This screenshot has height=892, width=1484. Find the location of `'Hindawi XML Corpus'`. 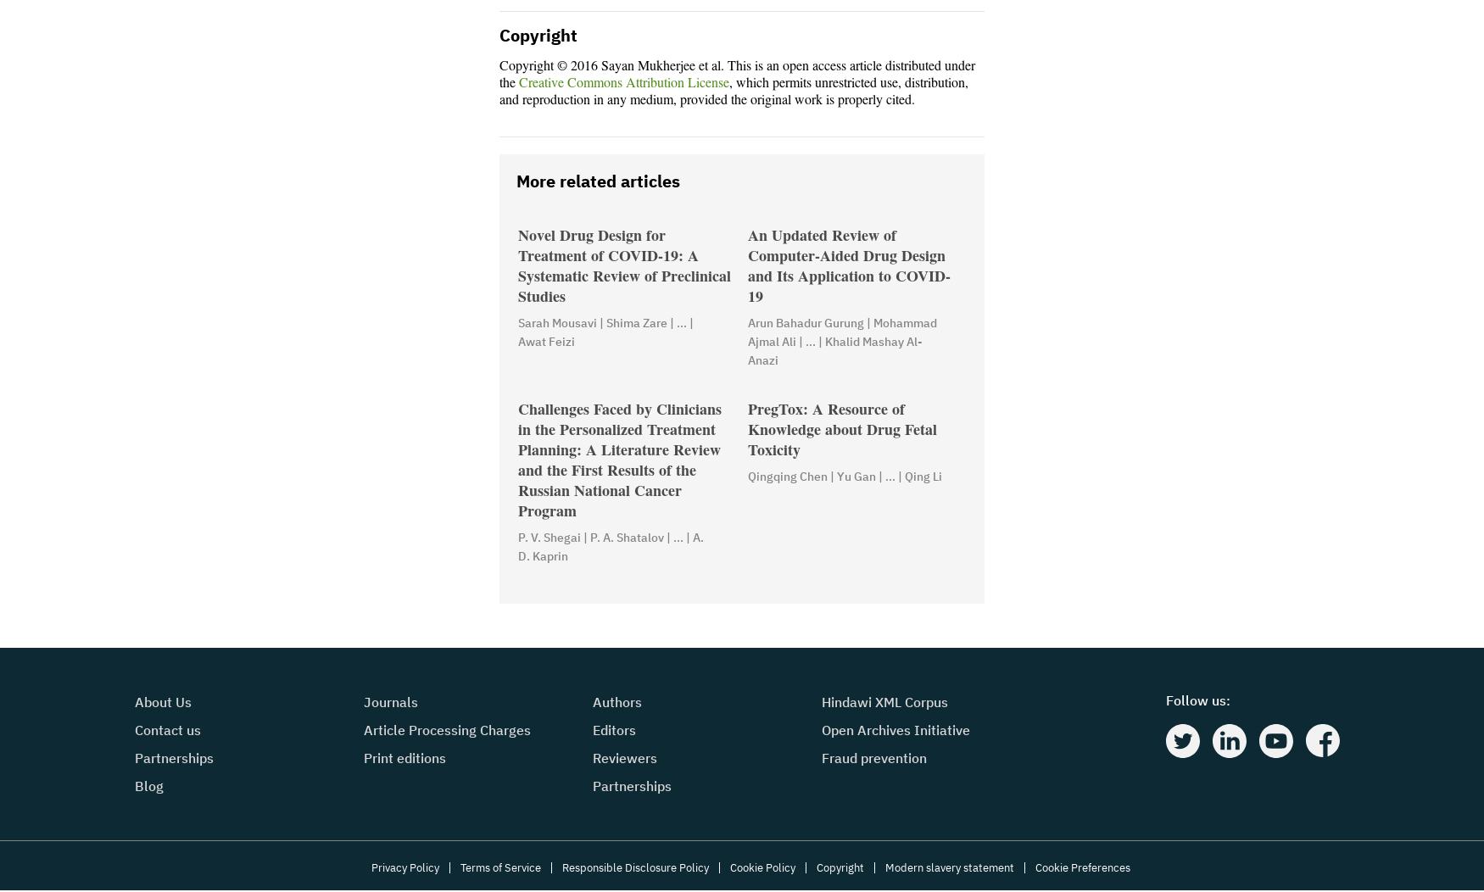

'Hindawi XML Corpus' is located at coordinates (884, 702).